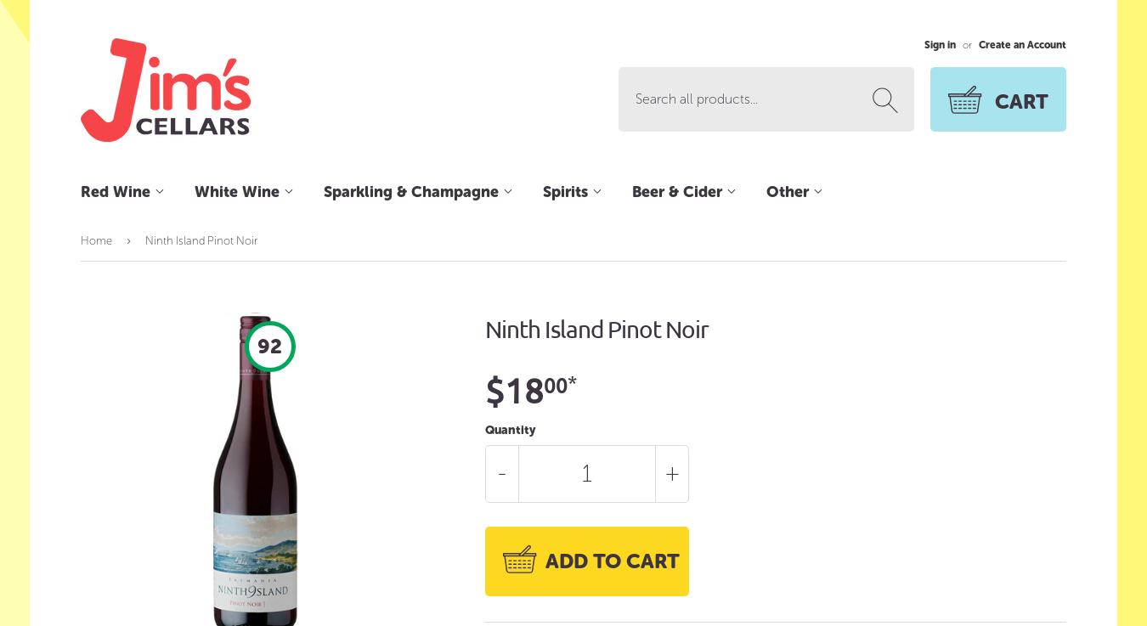  I want to click on 'Tequila', so click(567, 360).